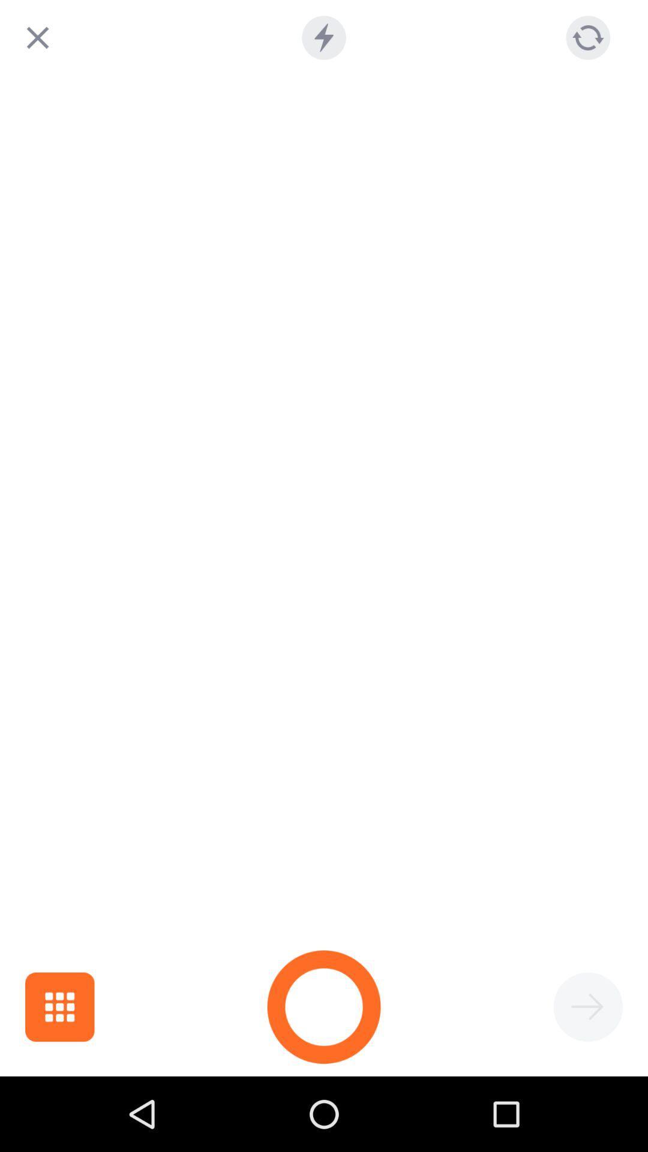 The width and height of the screenshot is (648, 1152). Describe the element at coordinates (59, 1007) in the screenshot. I see `menu options` at that location.